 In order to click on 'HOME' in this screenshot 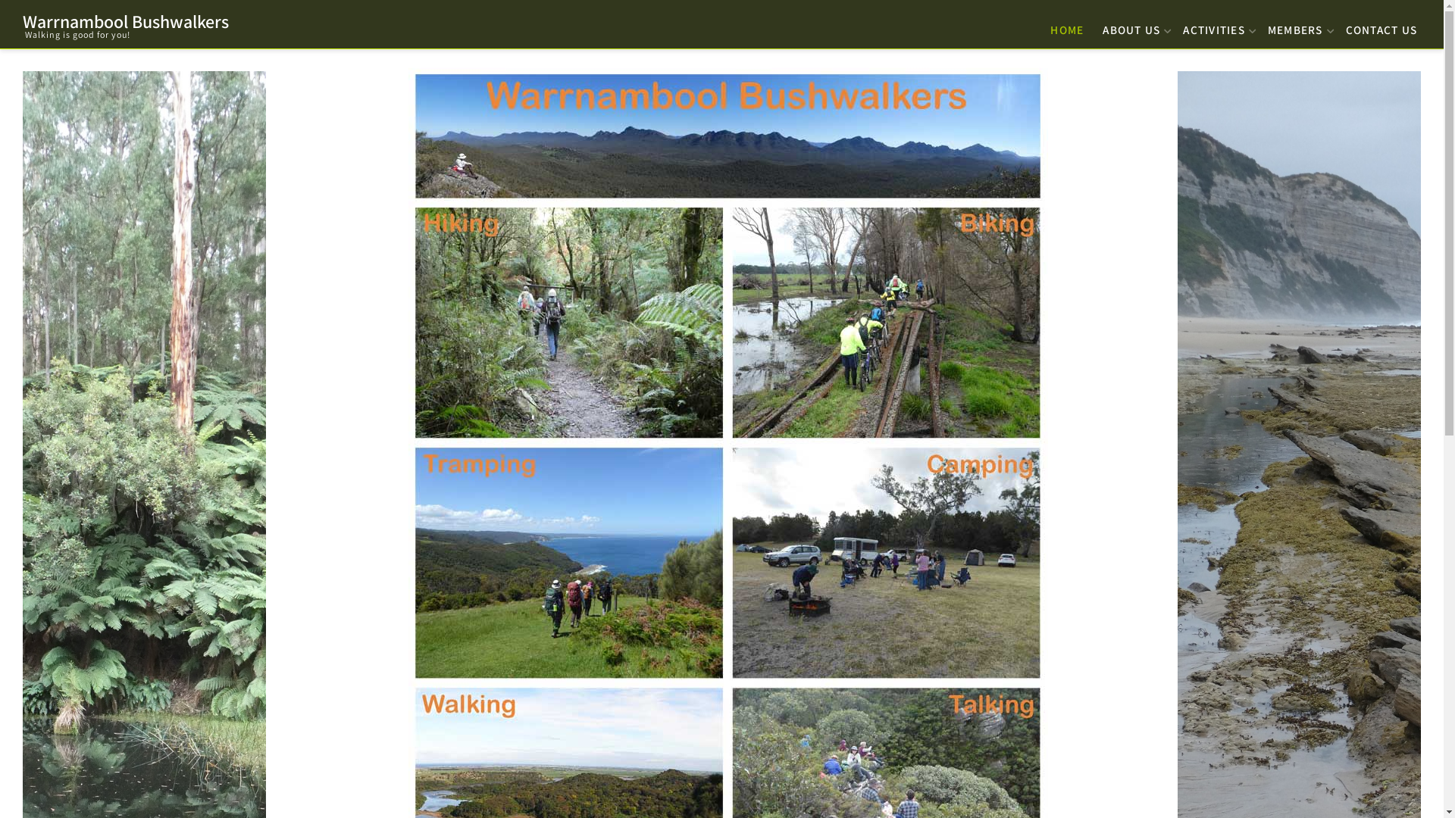, I will do `click(1046, 26)`.